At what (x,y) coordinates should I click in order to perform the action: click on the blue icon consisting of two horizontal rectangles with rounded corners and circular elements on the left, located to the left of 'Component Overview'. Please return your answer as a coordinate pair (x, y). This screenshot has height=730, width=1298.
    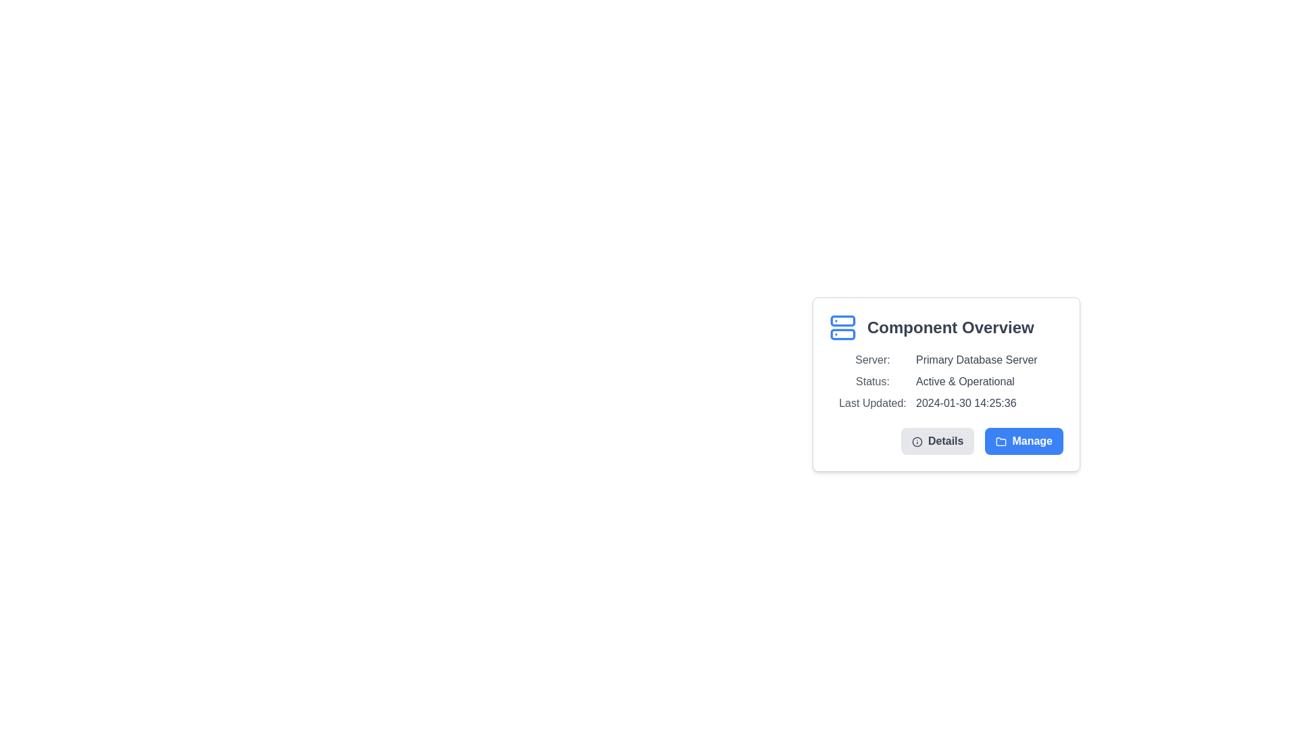
    Looking at the image, I should click on (842, 328).